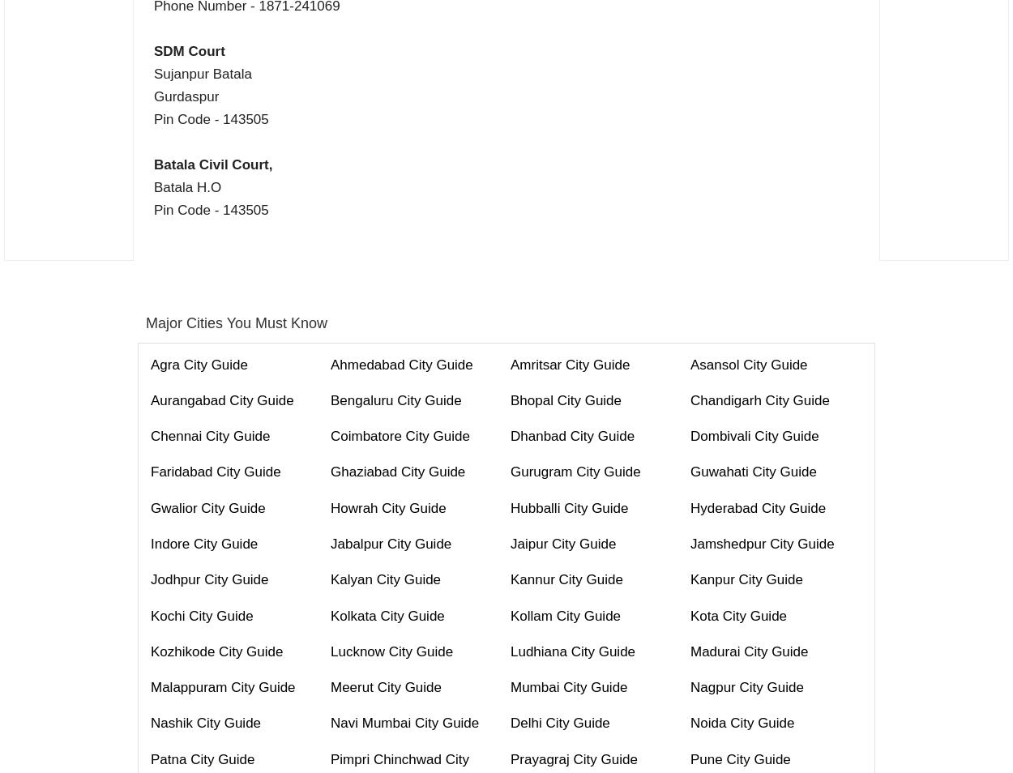 This screenshot has width=1013, height=773. I want to click on 'Kanpur City Guide', so click(746, 579).